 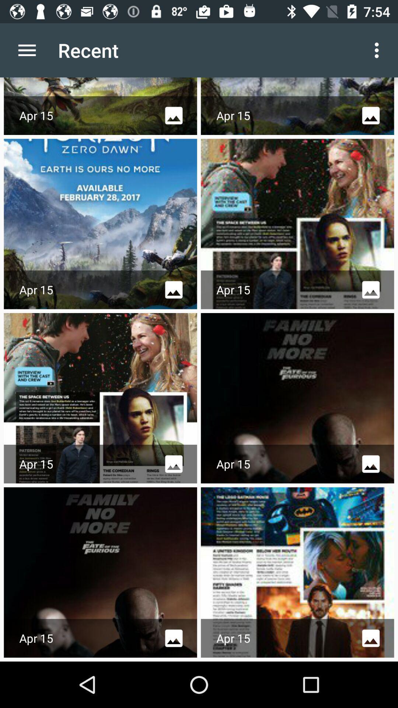 I want to click on the box in the bottom right corner, so click(x=297, y=572).